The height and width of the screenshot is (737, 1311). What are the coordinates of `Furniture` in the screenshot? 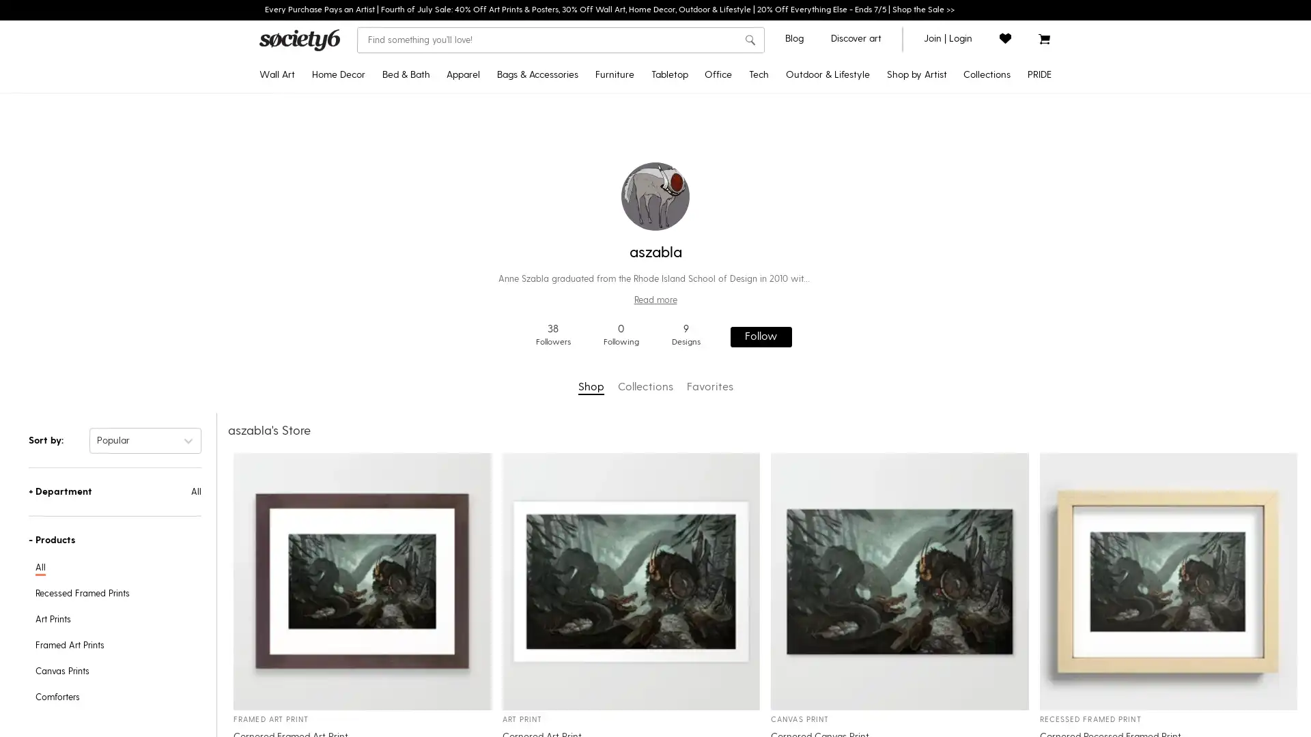 It's located at (613, 75).